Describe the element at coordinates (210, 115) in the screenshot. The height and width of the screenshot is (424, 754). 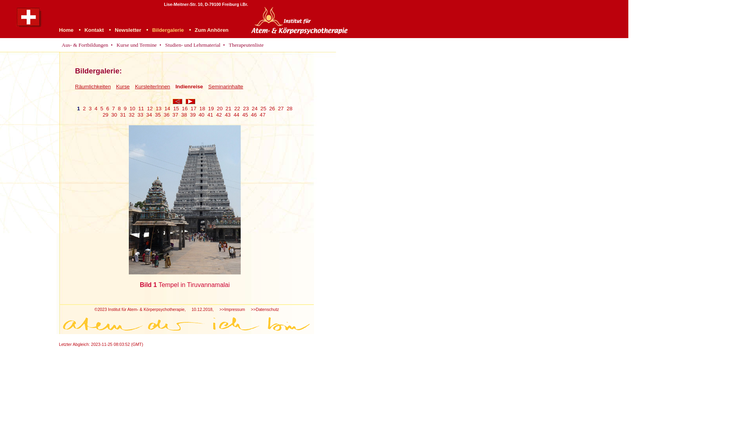
I see `'41'` at that location.